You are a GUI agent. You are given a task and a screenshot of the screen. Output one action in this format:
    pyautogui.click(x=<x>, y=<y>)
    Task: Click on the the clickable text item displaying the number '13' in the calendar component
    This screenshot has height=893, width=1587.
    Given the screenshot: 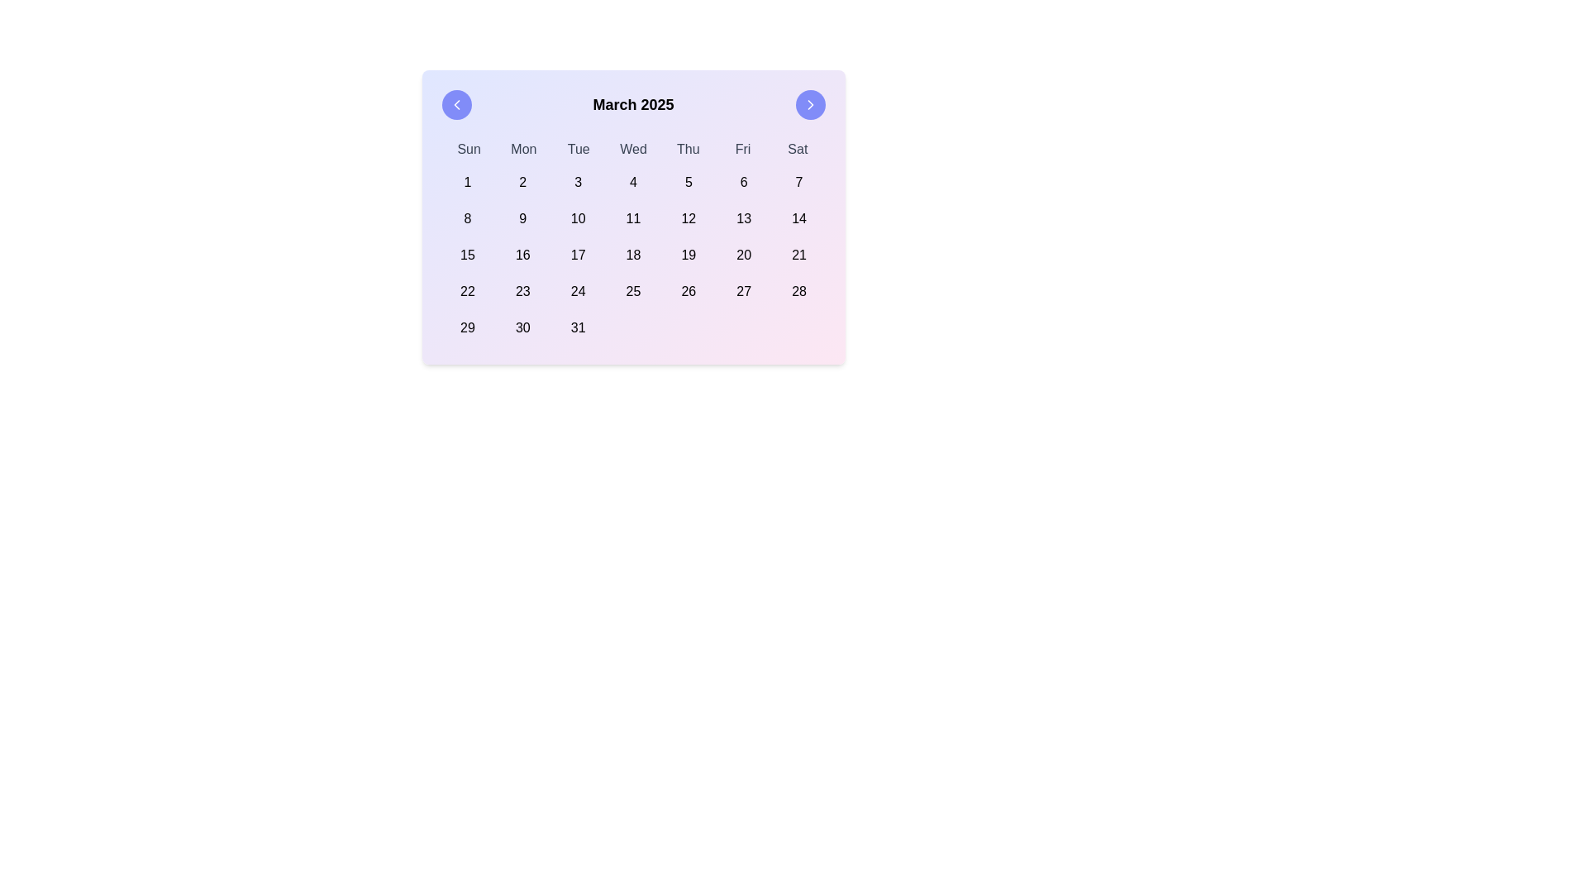 What is the action you would take?
    pyautogui.click(x=743, y=218)
    